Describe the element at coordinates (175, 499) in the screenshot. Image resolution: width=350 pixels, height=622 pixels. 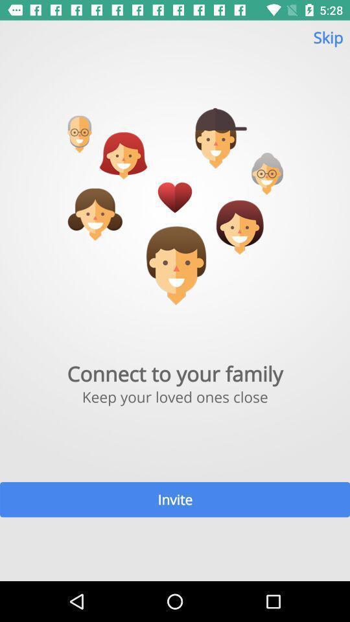
I see `item below keep your loved item` at that location.